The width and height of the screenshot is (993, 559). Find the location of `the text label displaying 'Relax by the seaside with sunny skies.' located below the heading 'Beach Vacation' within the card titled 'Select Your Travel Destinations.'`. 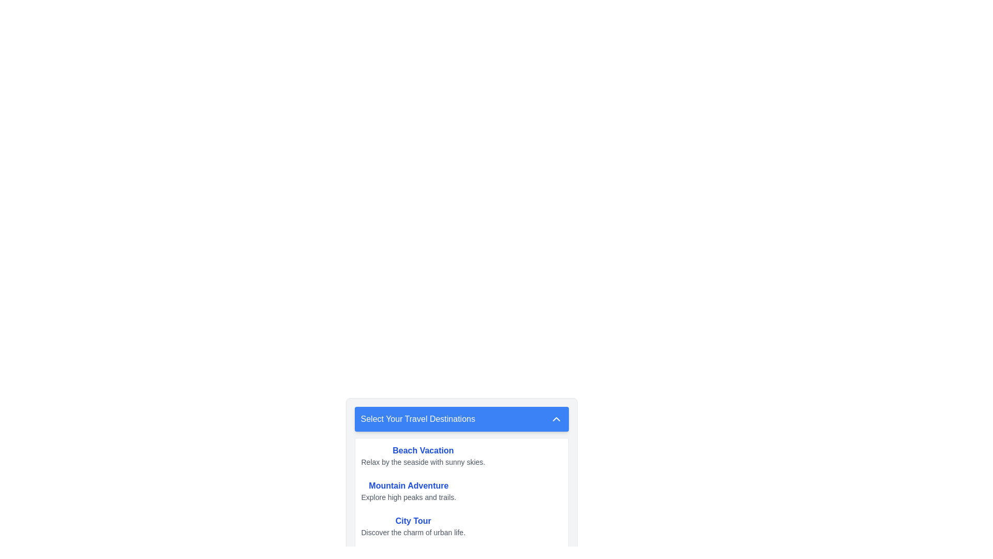

the text label displaying 'Relax by the seaside with sunny skies.' located below the heading 'Beach Vacation' within the card titled 'Select Your Travel Destinations.' is located at coordinates (423, 462).